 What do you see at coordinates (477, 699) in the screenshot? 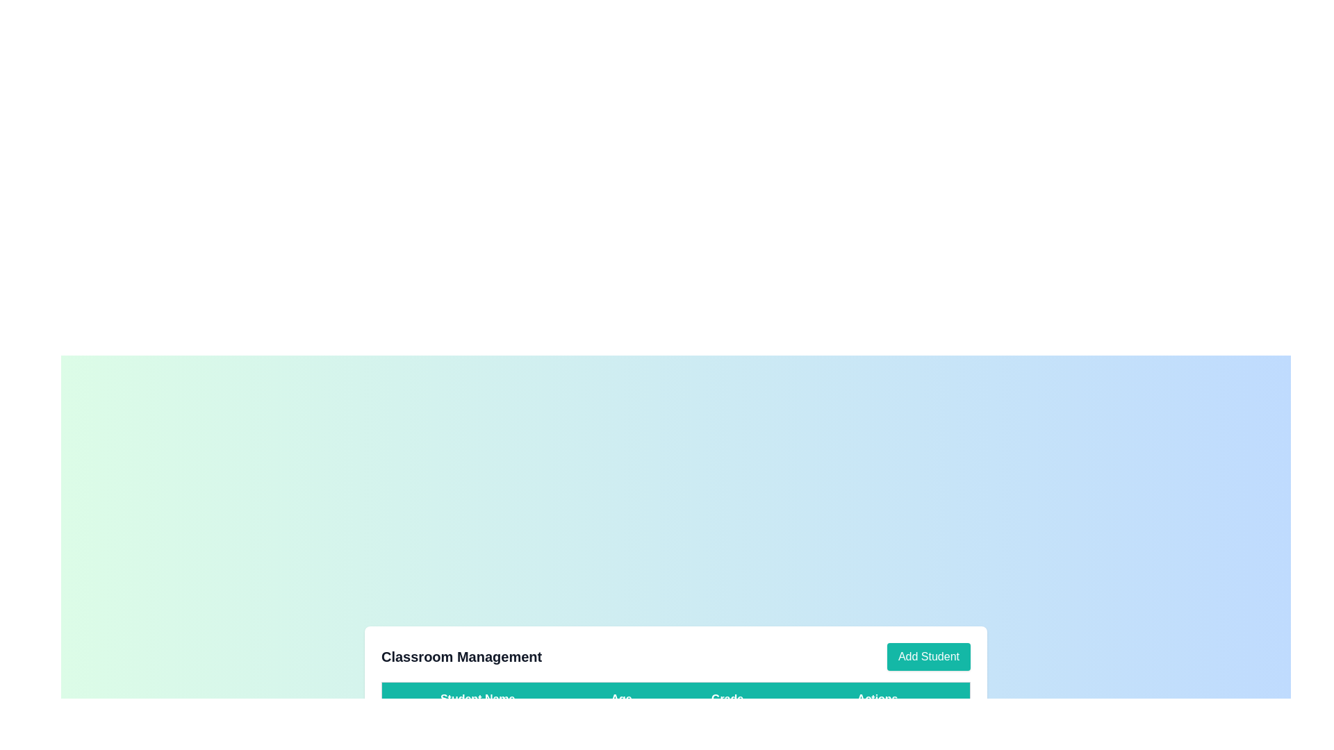
I see `the 'Student Names' text label which is the first item in a row of tabs or headers, positioned to the left of 'Age', 'Grade', and 'Actions' within the bottom section of the interface under 'Classroom Management'` at bounding box center [477, 699].